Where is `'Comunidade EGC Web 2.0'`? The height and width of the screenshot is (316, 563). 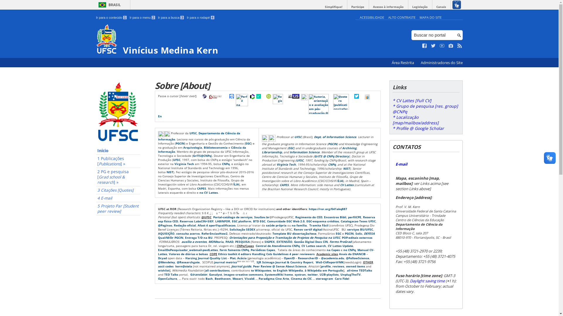 'Comunidade EGC Web 2.0' is located at coordinates (286, 221).